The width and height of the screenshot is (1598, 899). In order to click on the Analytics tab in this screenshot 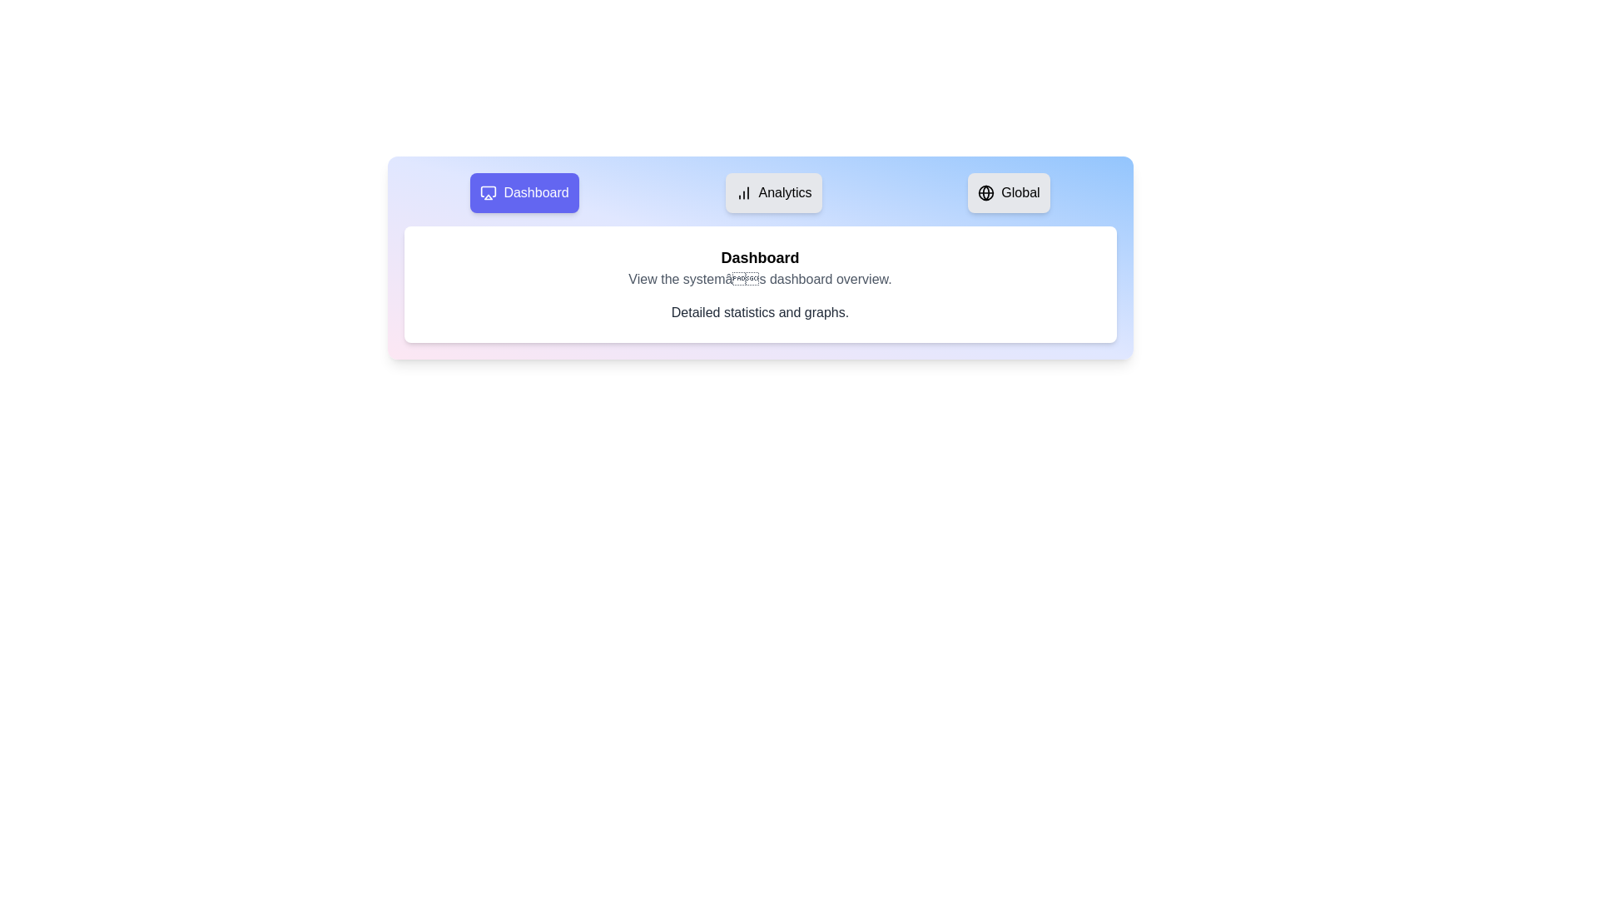, I will do `click(772, 191)`.